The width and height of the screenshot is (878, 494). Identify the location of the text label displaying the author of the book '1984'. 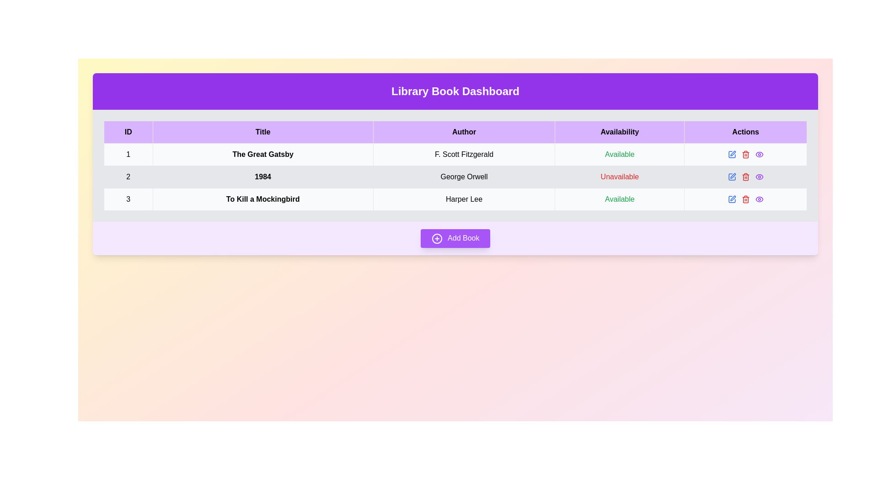
(464, 177).